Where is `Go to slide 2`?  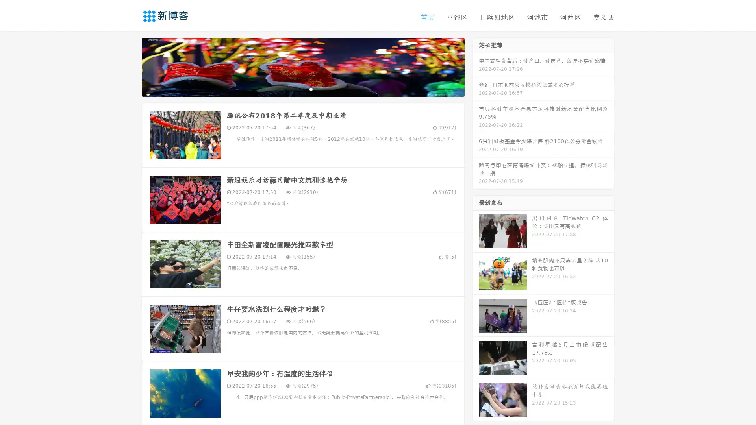 Go to slide 2 is located at coordinates (302, 89).